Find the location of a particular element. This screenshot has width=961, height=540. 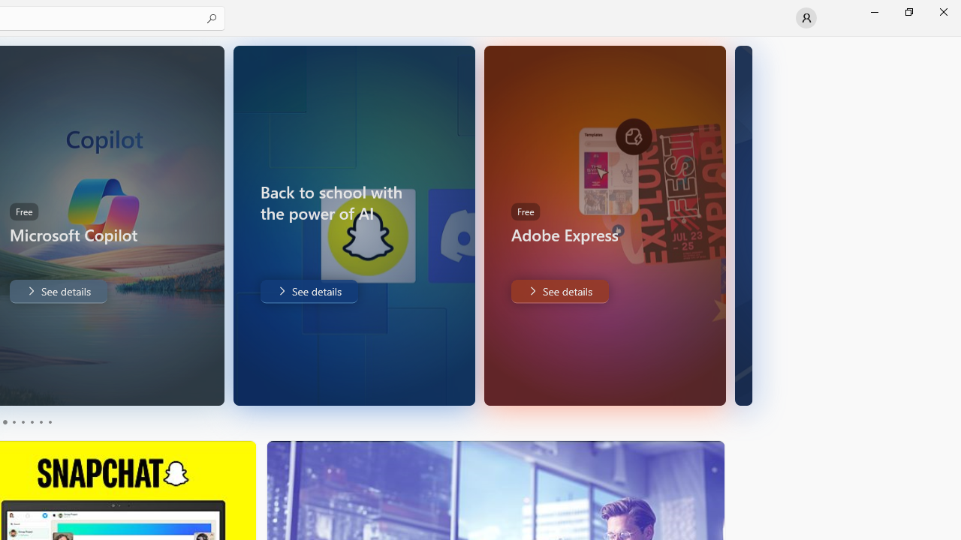

'Close Microsoft Store' is located at coordinates (942, 11).